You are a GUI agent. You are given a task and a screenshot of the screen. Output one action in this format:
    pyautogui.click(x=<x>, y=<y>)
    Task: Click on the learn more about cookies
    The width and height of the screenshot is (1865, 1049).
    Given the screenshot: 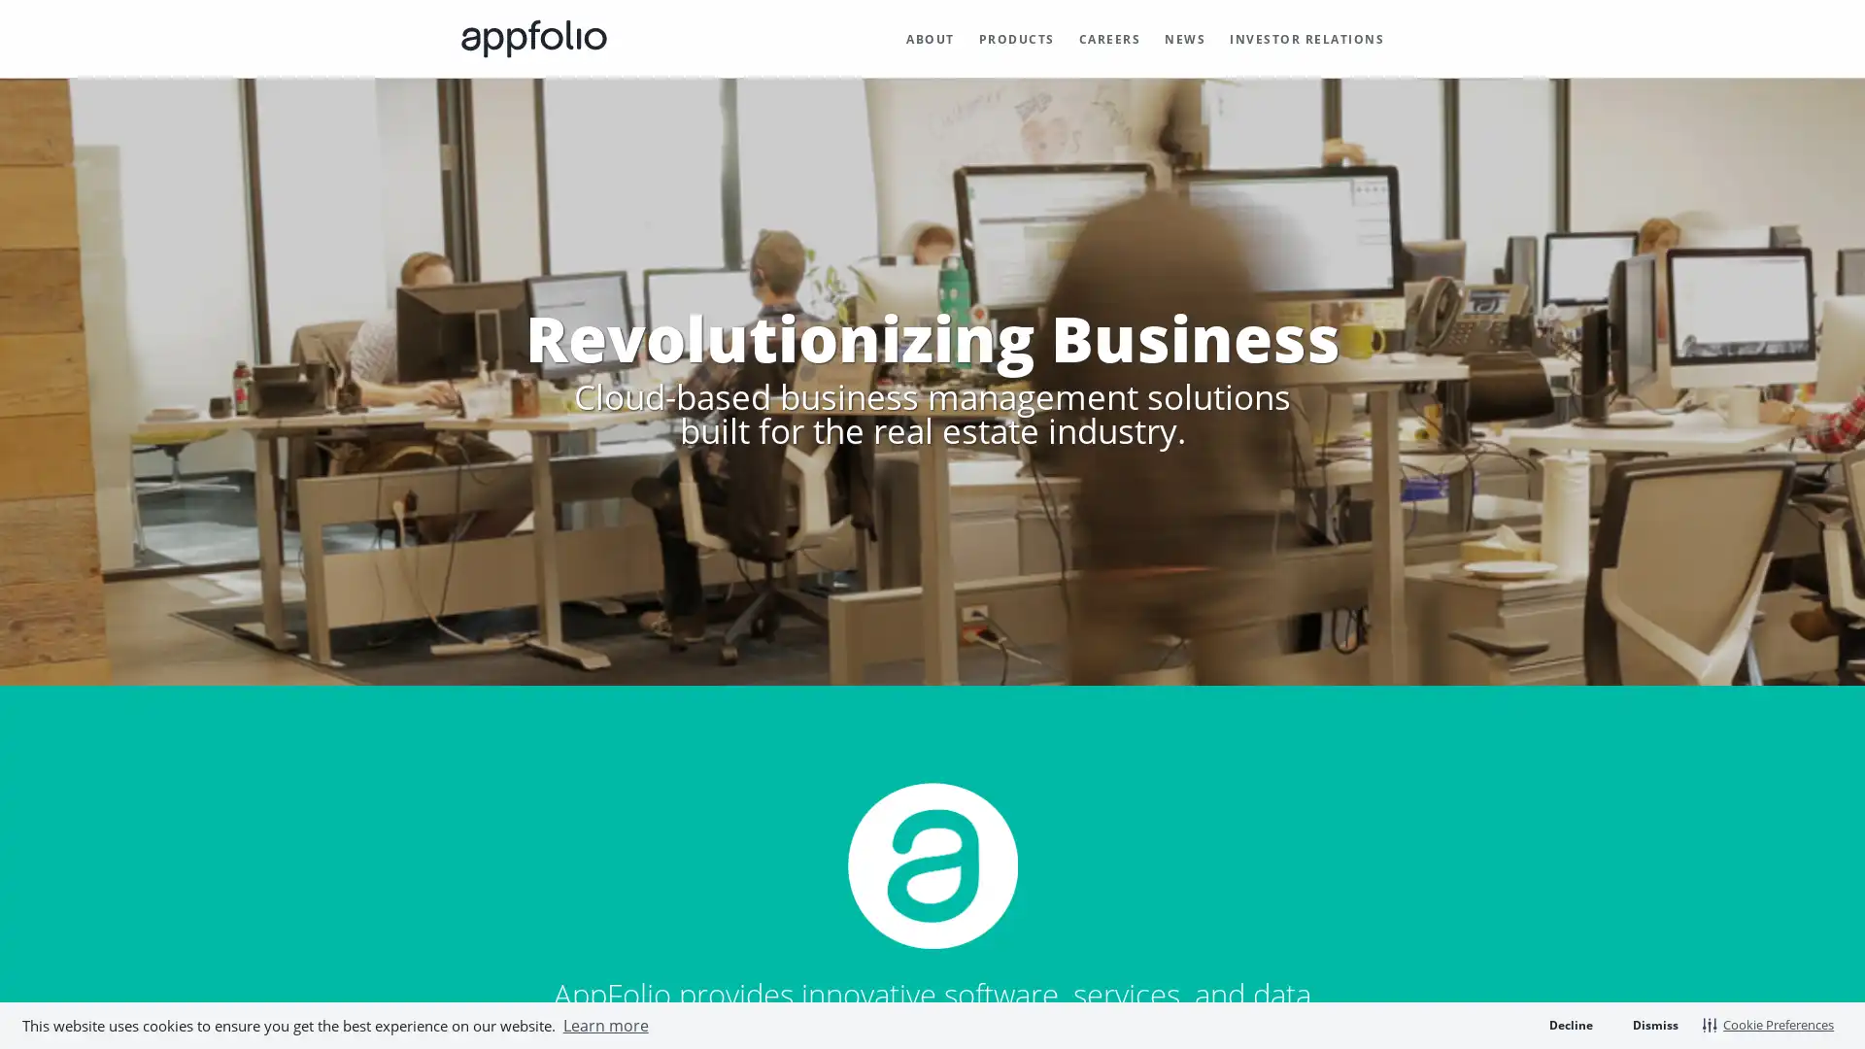 What is the action you would take?
    pyautogui.click(x=604, y=1024)
    